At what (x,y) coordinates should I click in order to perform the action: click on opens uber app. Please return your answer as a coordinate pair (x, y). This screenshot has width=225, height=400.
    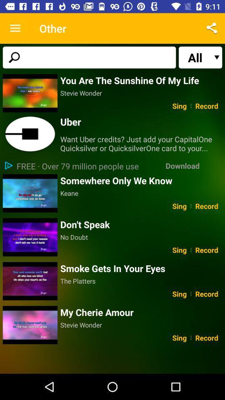
    Looking at the image, I should click on (30, 134).